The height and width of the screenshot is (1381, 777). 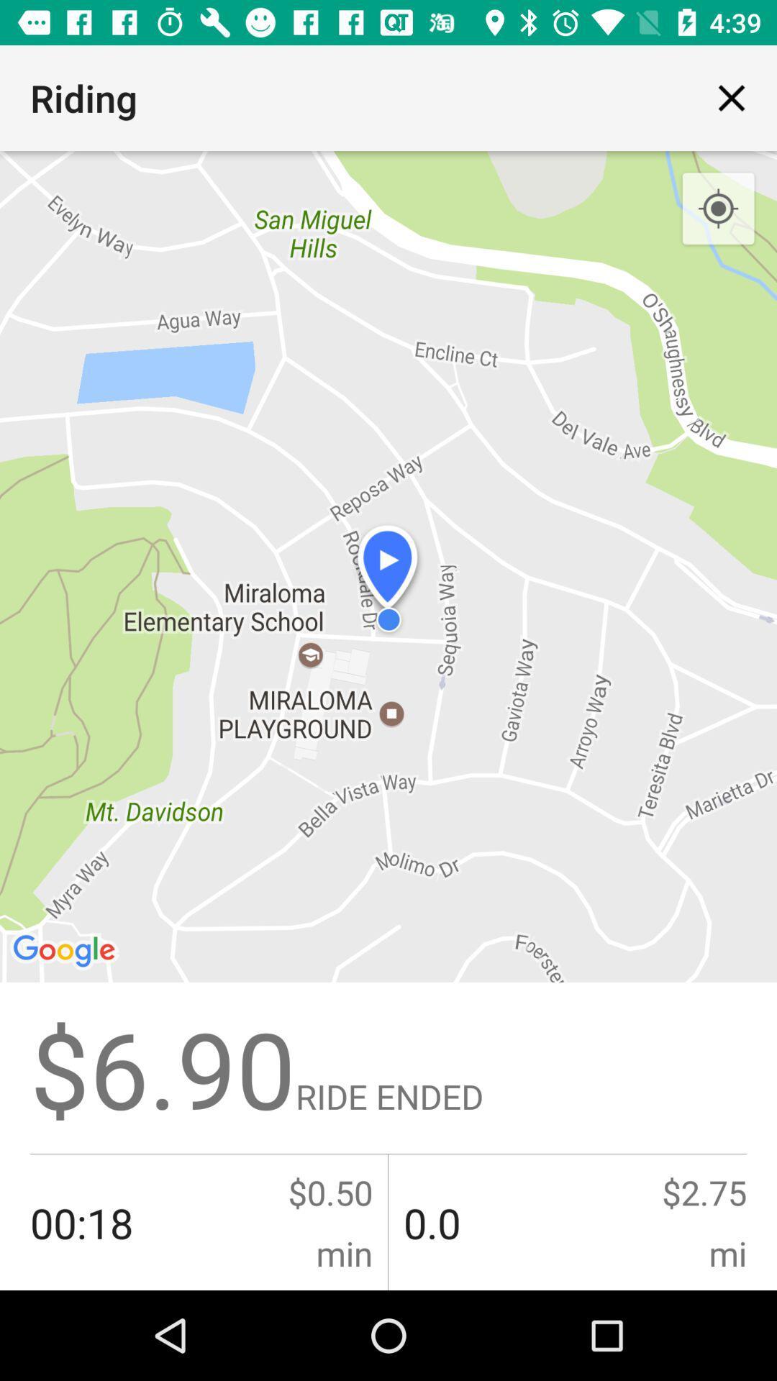 I want to click on the icon to the right of riding, so click(x=732, y=97).